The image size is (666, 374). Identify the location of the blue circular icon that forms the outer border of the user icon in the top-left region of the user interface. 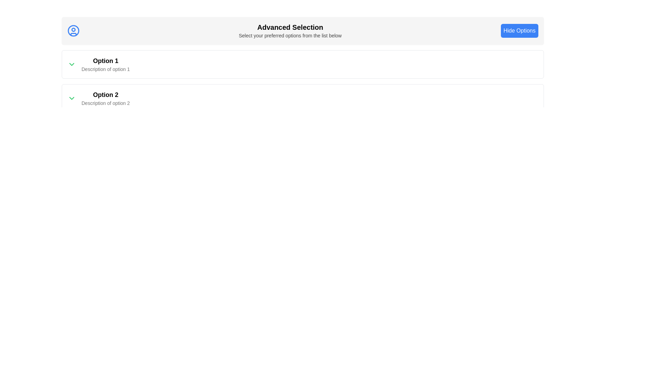
(73, 30).